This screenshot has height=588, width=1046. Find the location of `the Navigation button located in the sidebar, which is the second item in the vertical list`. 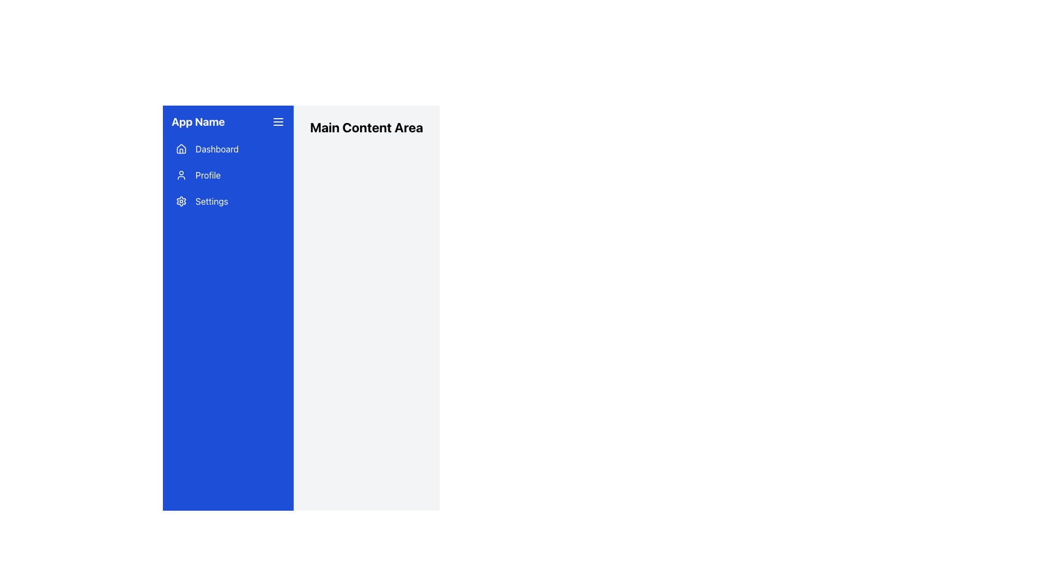

the Navigation button located in the sidebar, which is the second item in the vertical list is located at coordinates (227, 174).